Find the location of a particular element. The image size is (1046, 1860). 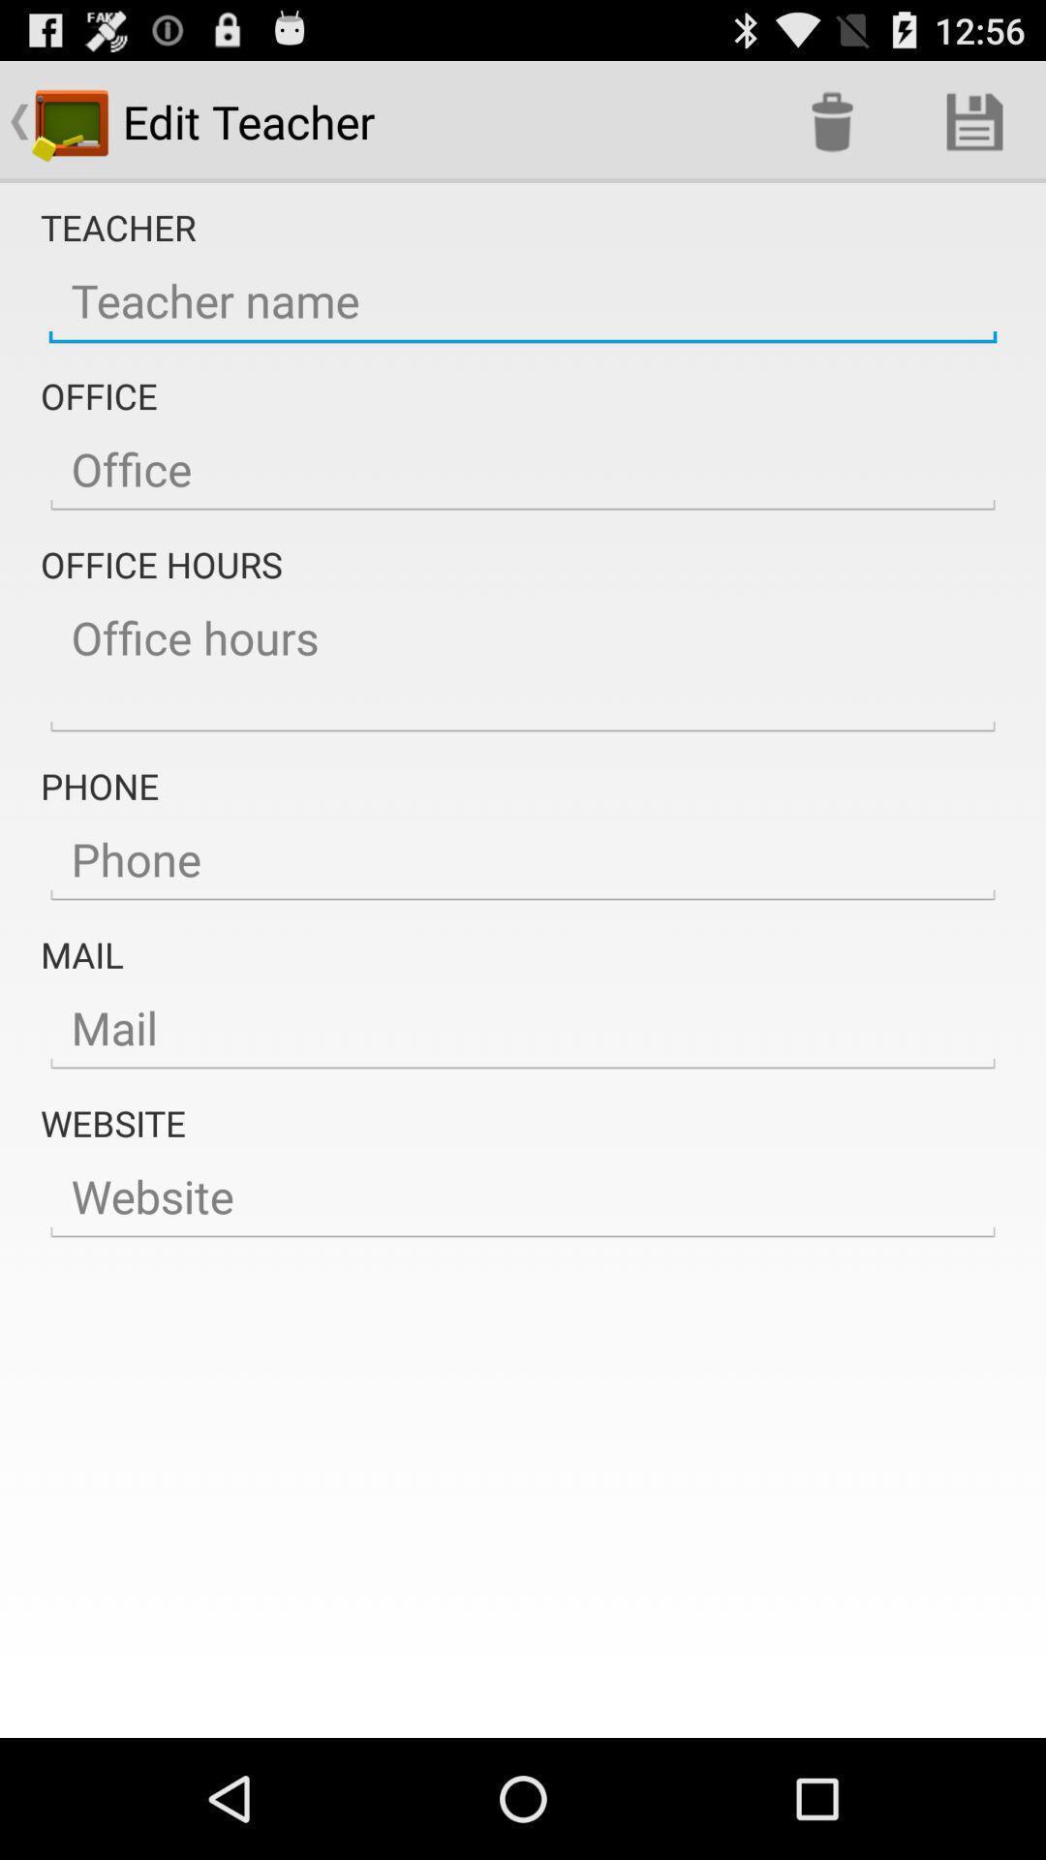

office hours field is located at coordinates (523, 665).